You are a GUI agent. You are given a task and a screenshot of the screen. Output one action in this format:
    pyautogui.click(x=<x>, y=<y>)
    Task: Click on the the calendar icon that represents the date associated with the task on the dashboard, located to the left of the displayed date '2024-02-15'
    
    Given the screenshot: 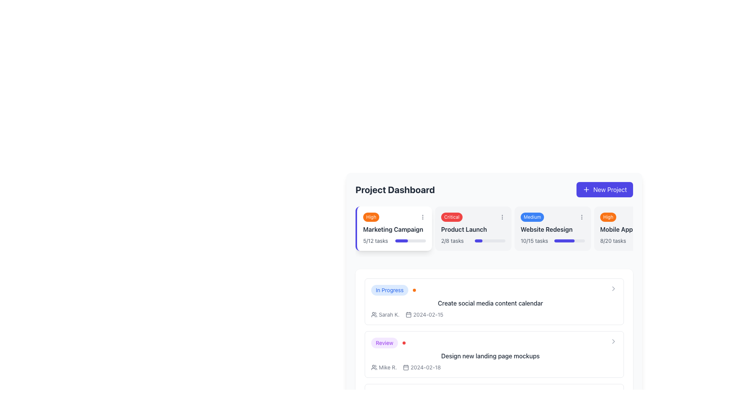 What is the action you would take?
    pyautogui.click(x=408, y=314)
    